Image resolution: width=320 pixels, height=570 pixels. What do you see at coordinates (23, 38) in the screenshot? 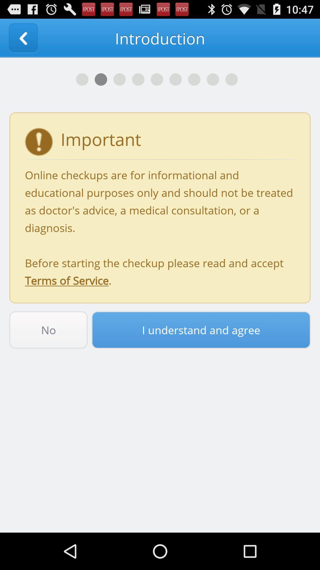
I see `the item next to the introduction app` at bounding box center [23, 38].